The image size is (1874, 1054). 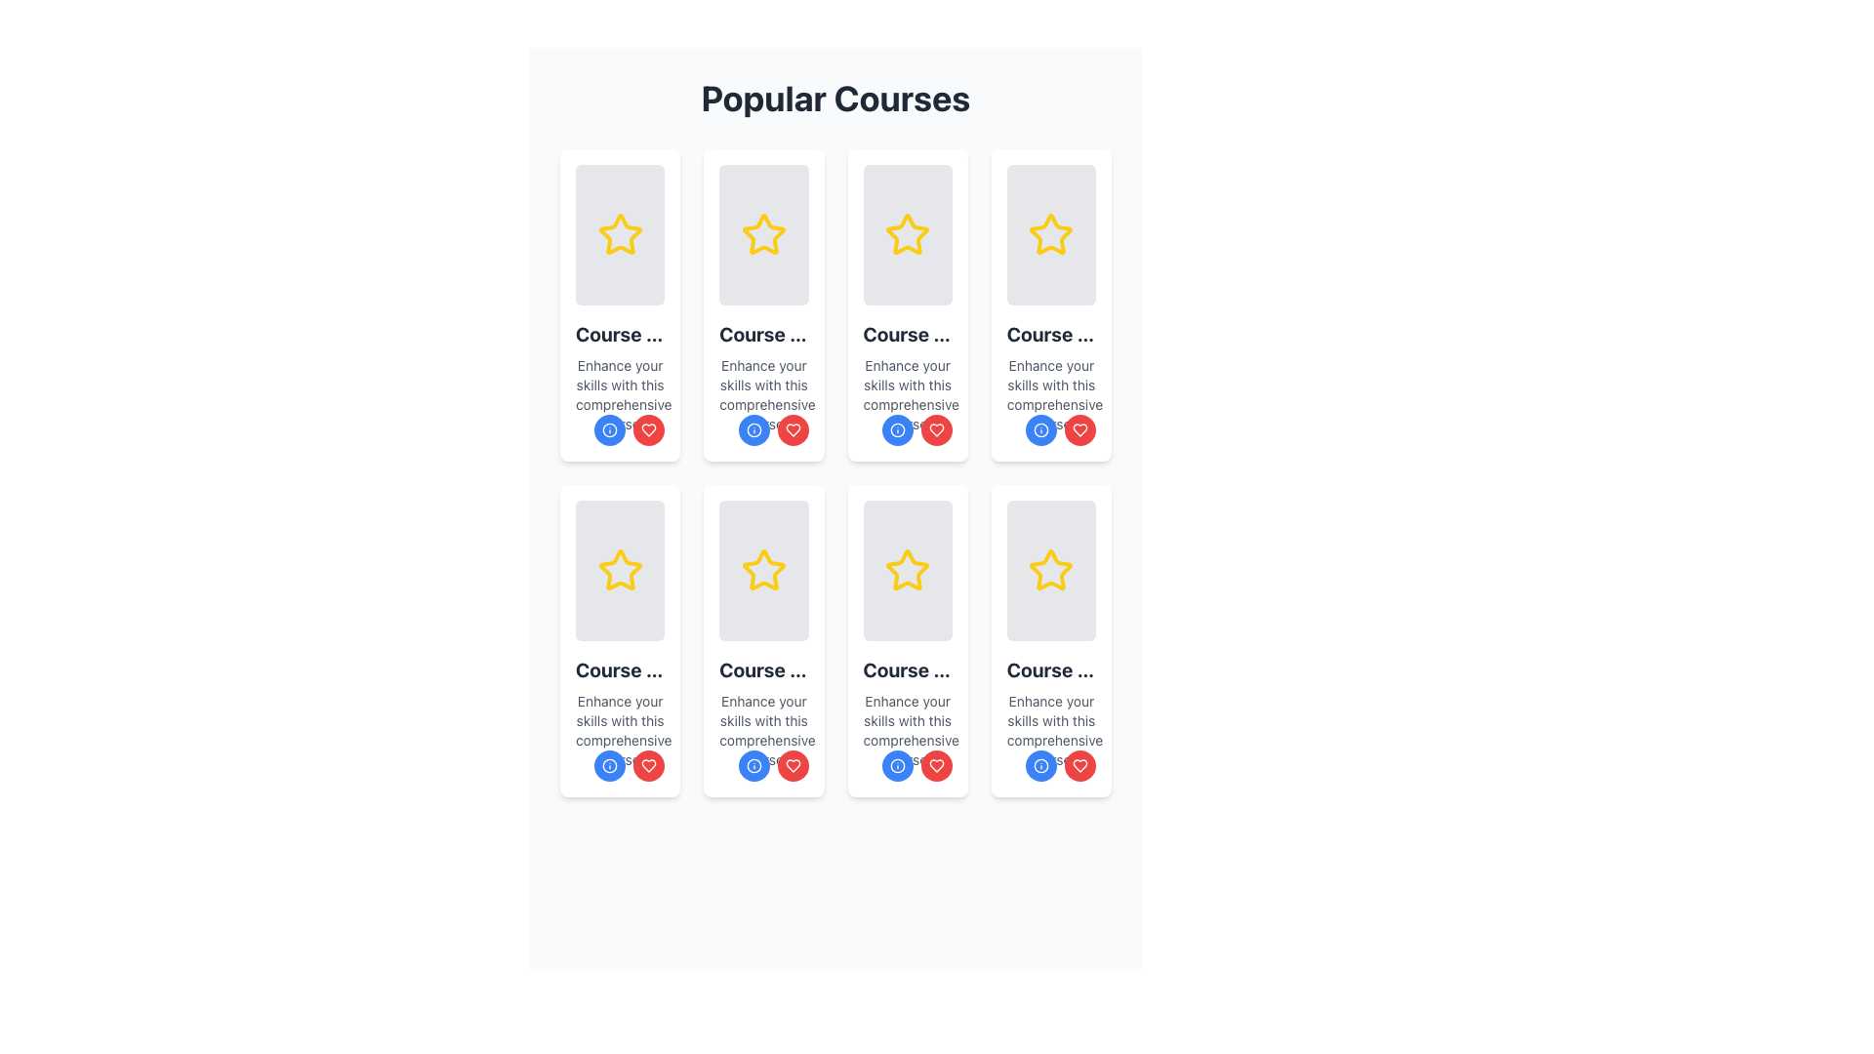 What do you see at coordinates (1039, 765) in the screenshot?
I see `the information button located at the bottom-right section of the card component, which is positioned to the left of the red favorite button` at bounding box center [1039, 765].